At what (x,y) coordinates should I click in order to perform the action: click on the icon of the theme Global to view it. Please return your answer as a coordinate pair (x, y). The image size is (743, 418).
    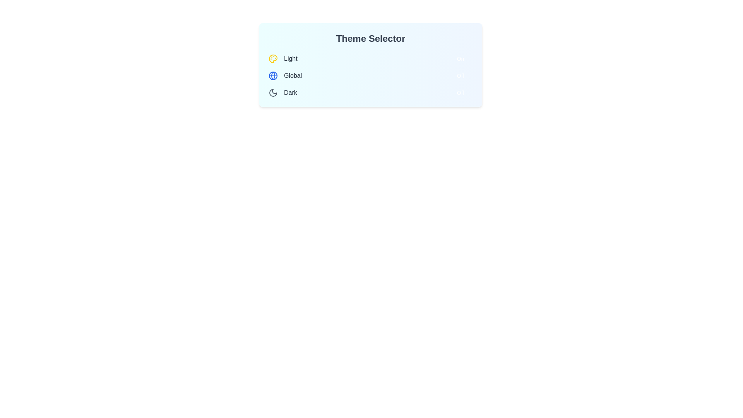
    Looking at the image, I should click on (273, 76).